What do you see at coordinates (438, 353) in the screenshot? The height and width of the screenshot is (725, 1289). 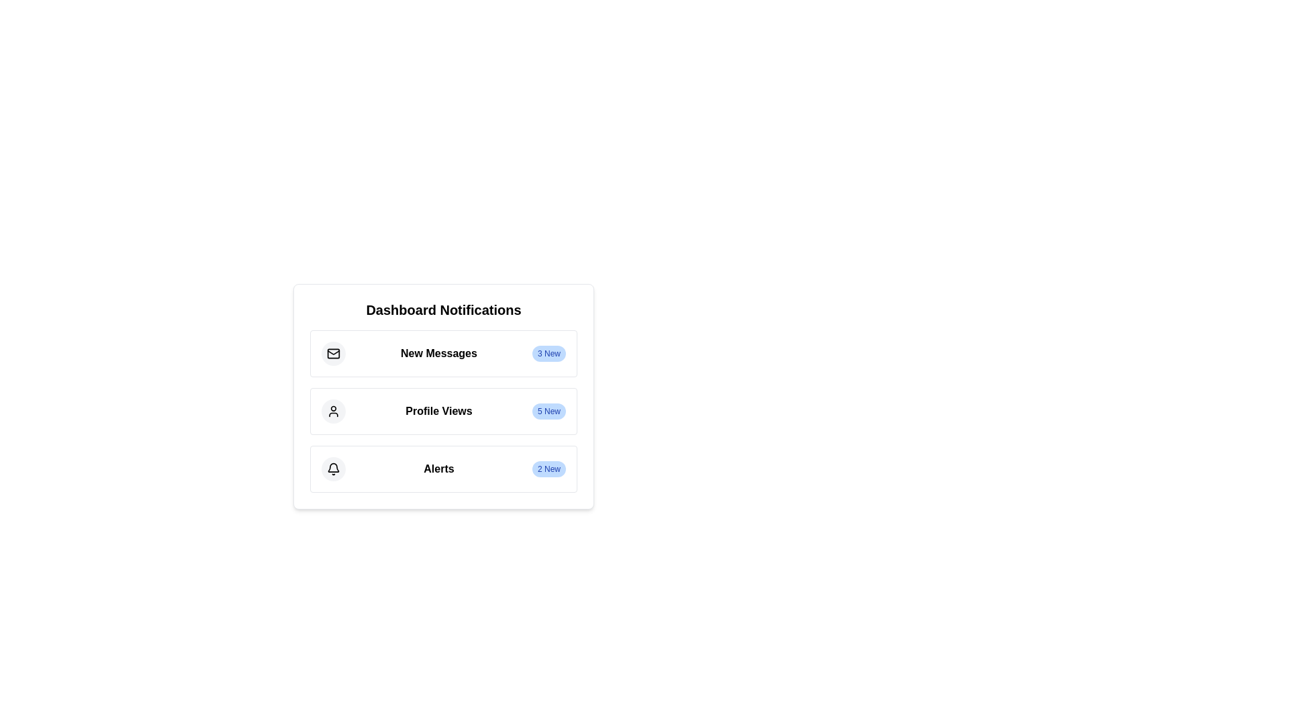 I see `the notification label that indicates new messages, located between an envelope icon and a blue badge labeled '3 New'` at bounding box center [438, 353].